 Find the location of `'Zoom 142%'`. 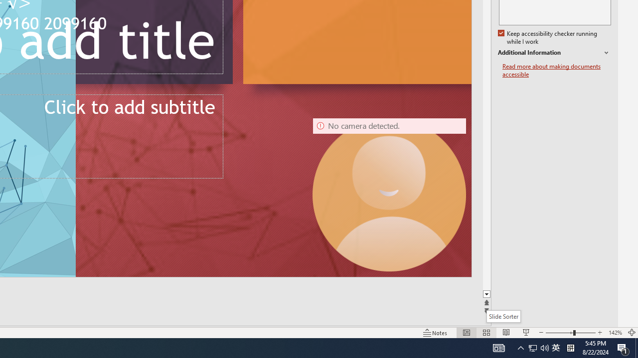

'Zoom 142%' is located at coordinates (615, 333).